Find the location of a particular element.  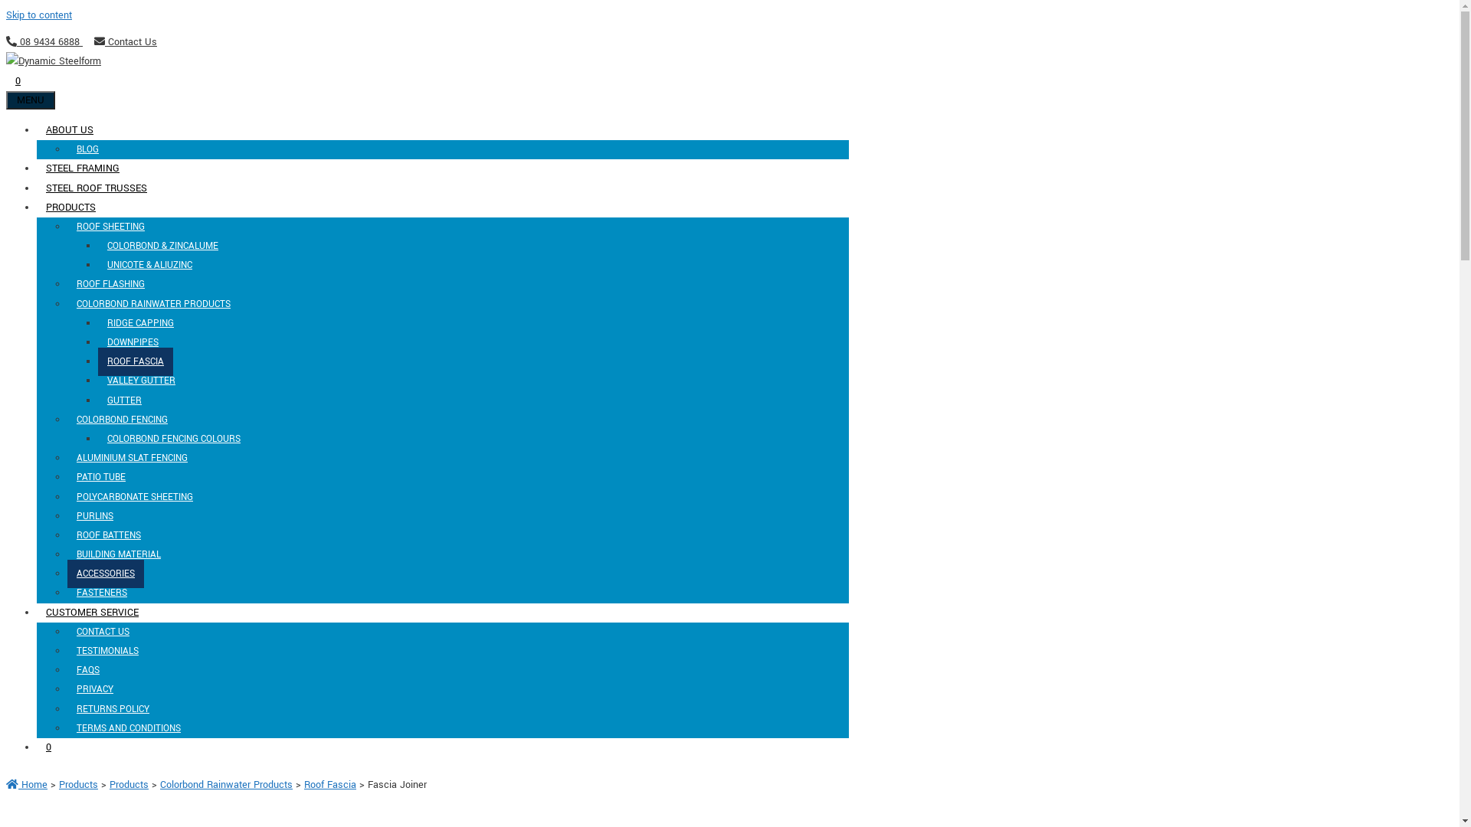

'PRIVACY' is located at coordinates (66, 689).